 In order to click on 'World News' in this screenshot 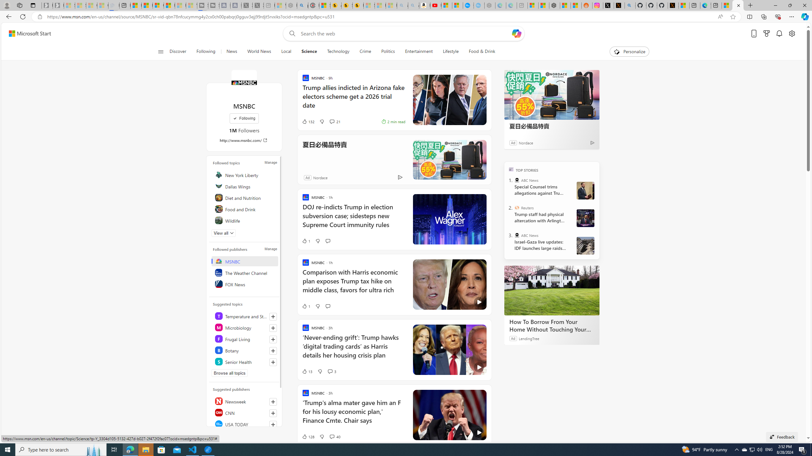, I will do `click(259, 51)`.